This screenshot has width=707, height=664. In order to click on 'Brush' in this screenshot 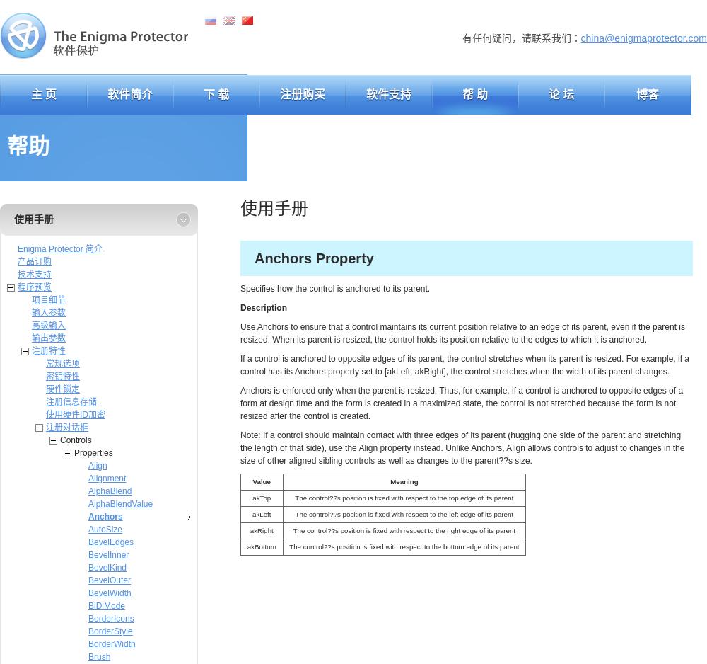, I will do `click(99, 656)`.